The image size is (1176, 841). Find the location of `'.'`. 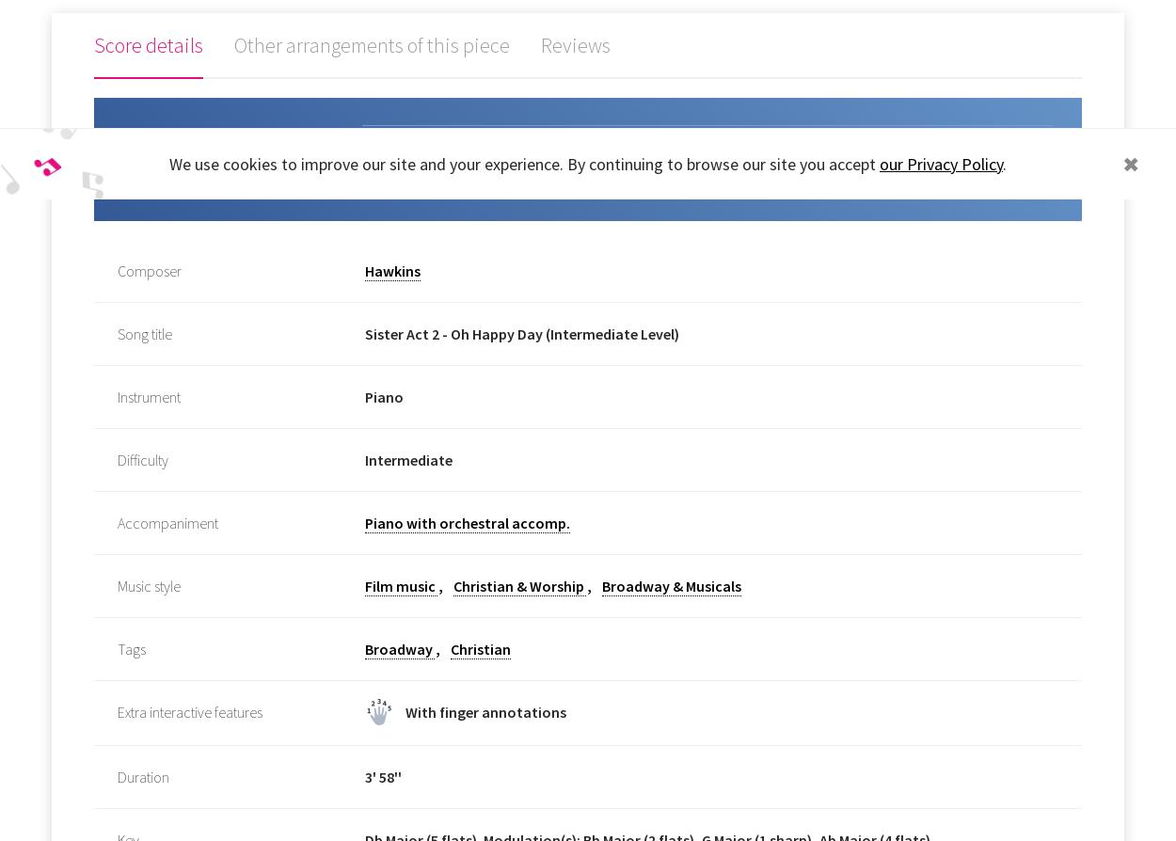

'.' is located at coordinates (1002, 164).